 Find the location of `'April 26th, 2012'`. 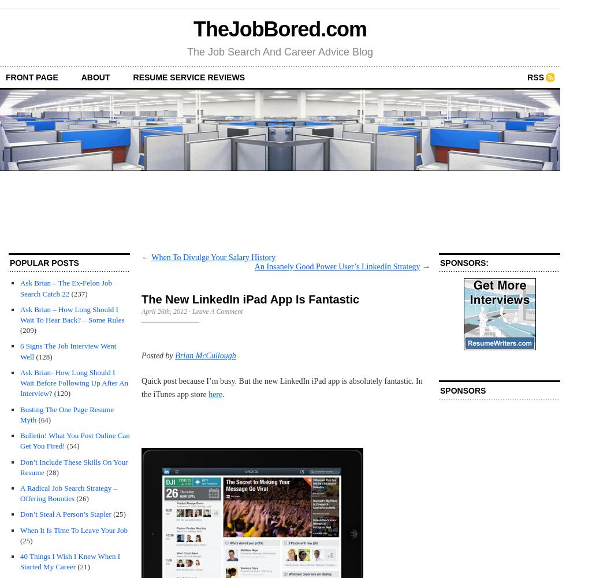

'April 26th, 2012' is located at coordinates (164, 311).